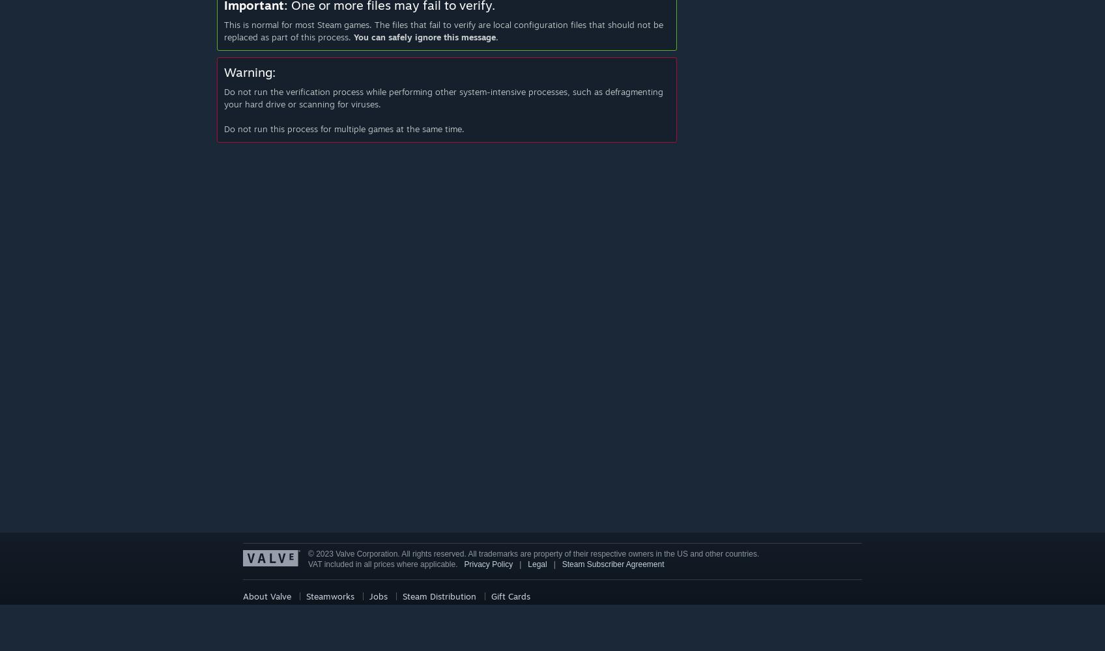  Describe the element at coordinates (442, 30) in the screenshot. I see `'This is normal for most Steam games. The files that fail to verify are local configuration files that should not be replaced as part of this process.'` at that location.